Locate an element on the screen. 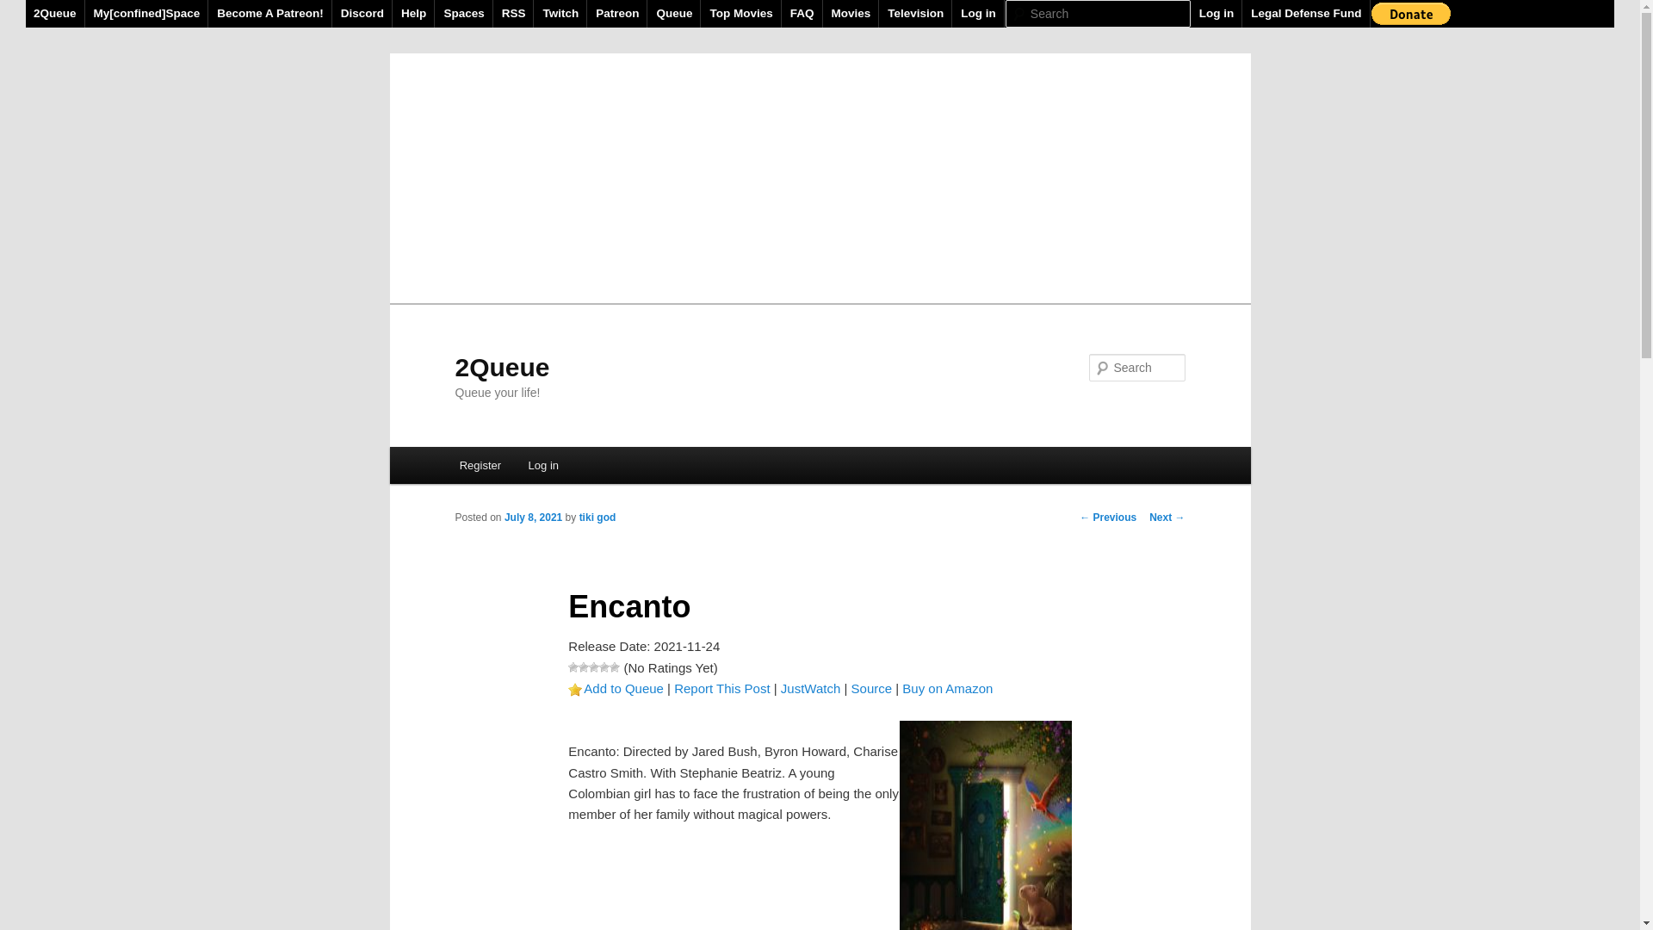 This screenshot has height=930, width=1653. 'RSS' is located at coordinates (513, 13).